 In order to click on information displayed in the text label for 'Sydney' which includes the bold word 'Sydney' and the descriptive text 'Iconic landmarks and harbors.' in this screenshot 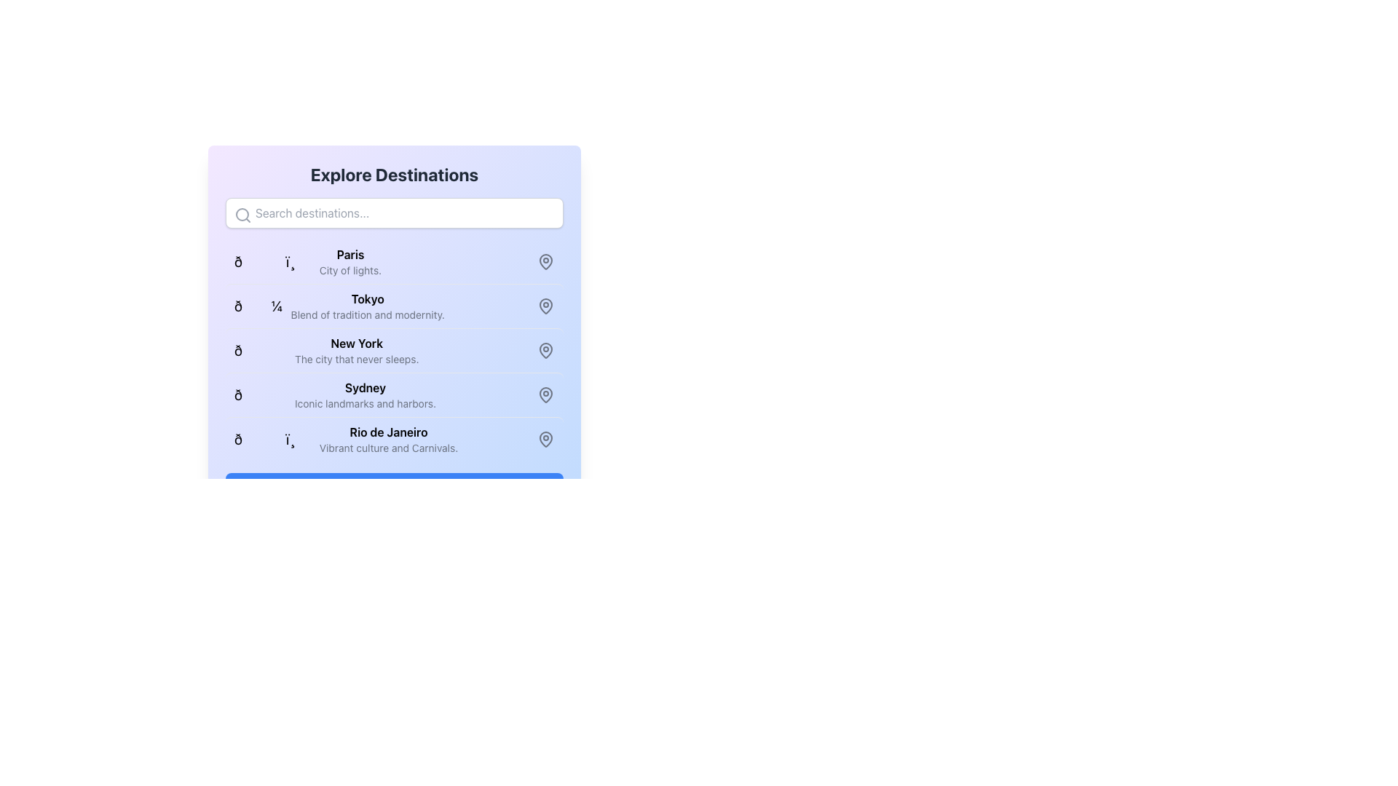, I will do `click(334, 395)`.